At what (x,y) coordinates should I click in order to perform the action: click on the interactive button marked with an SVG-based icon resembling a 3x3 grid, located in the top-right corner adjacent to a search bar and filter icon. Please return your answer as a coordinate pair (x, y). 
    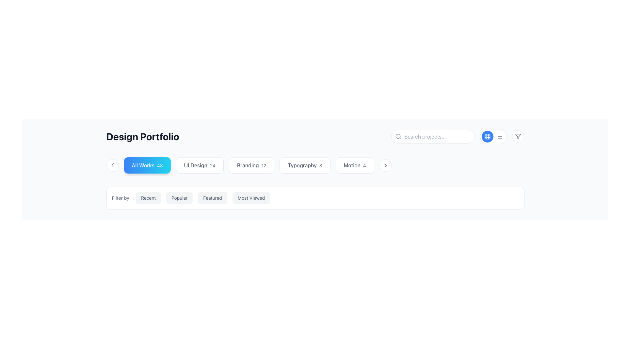
    Looking at the image, I should click on (487, 136).